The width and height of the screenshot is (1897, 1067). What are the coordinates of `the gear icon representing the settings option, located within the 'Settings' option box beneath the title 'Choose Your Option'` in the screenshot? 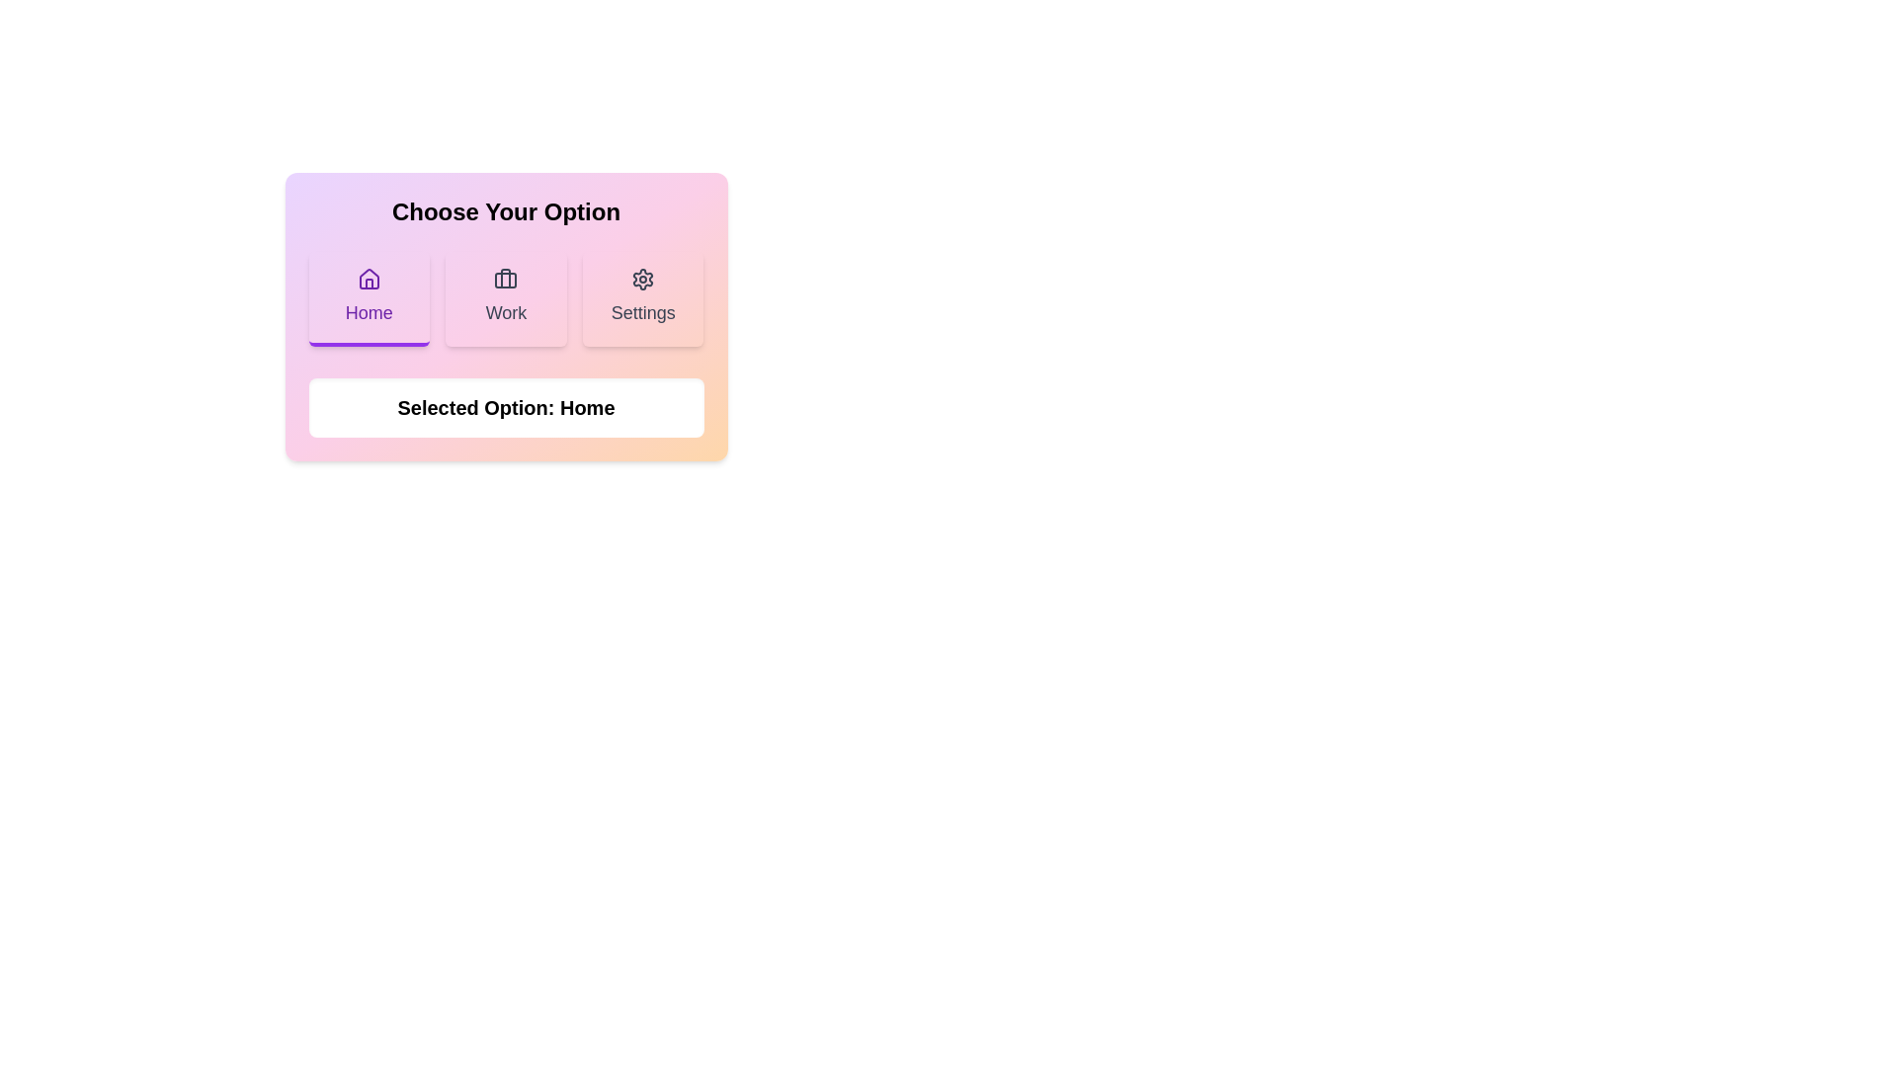 It's located at (643, 279).